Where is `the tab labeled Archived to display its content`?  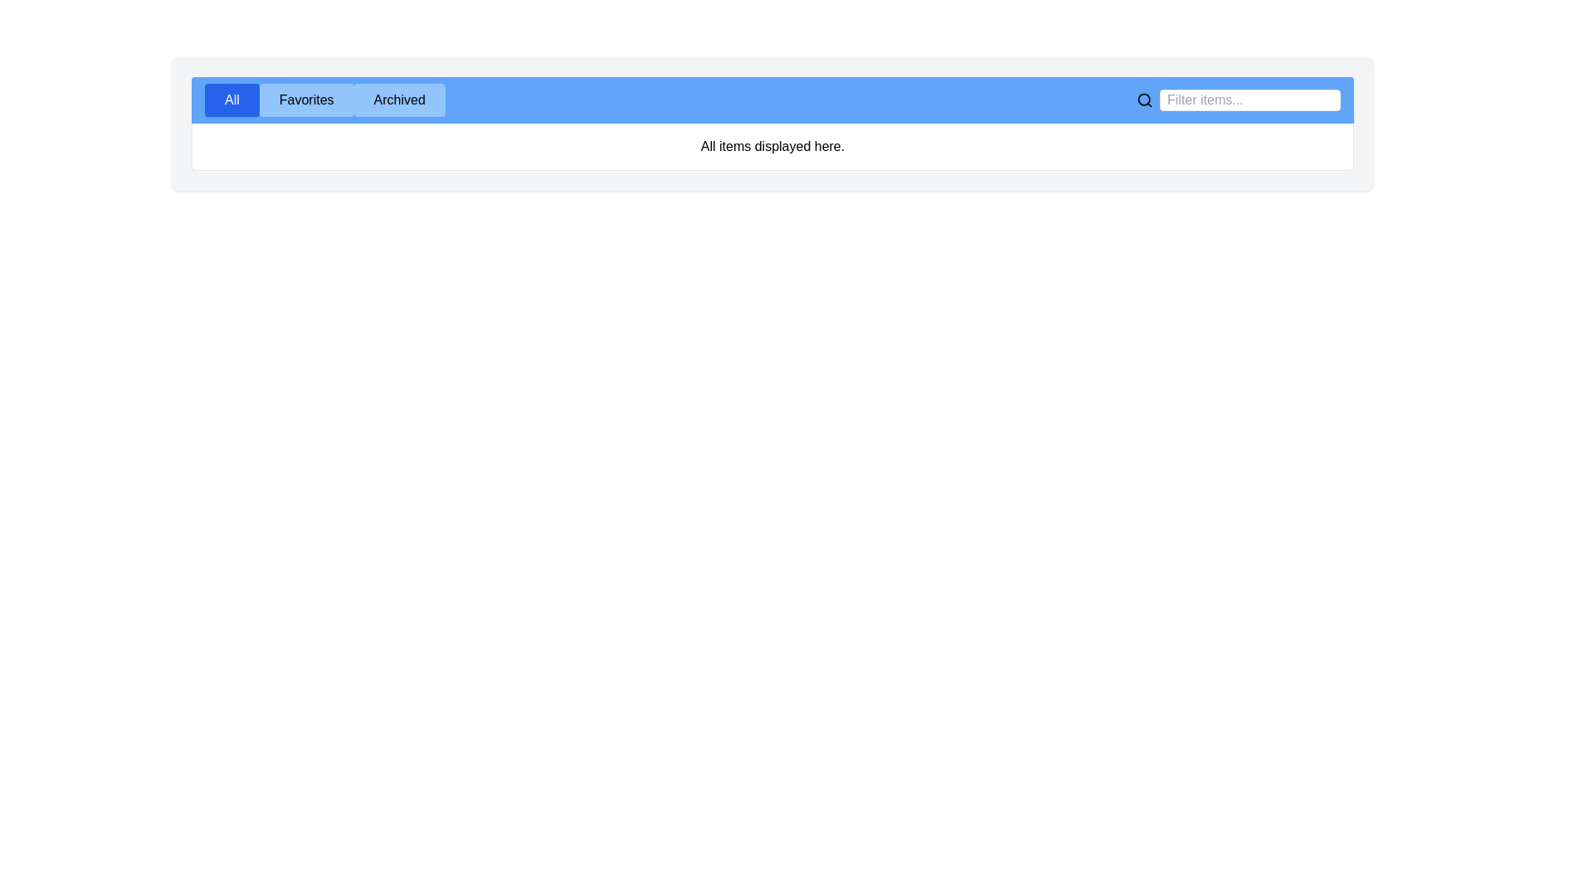 the tab labeled Archived to display its content is located at coordinates (399, 100).